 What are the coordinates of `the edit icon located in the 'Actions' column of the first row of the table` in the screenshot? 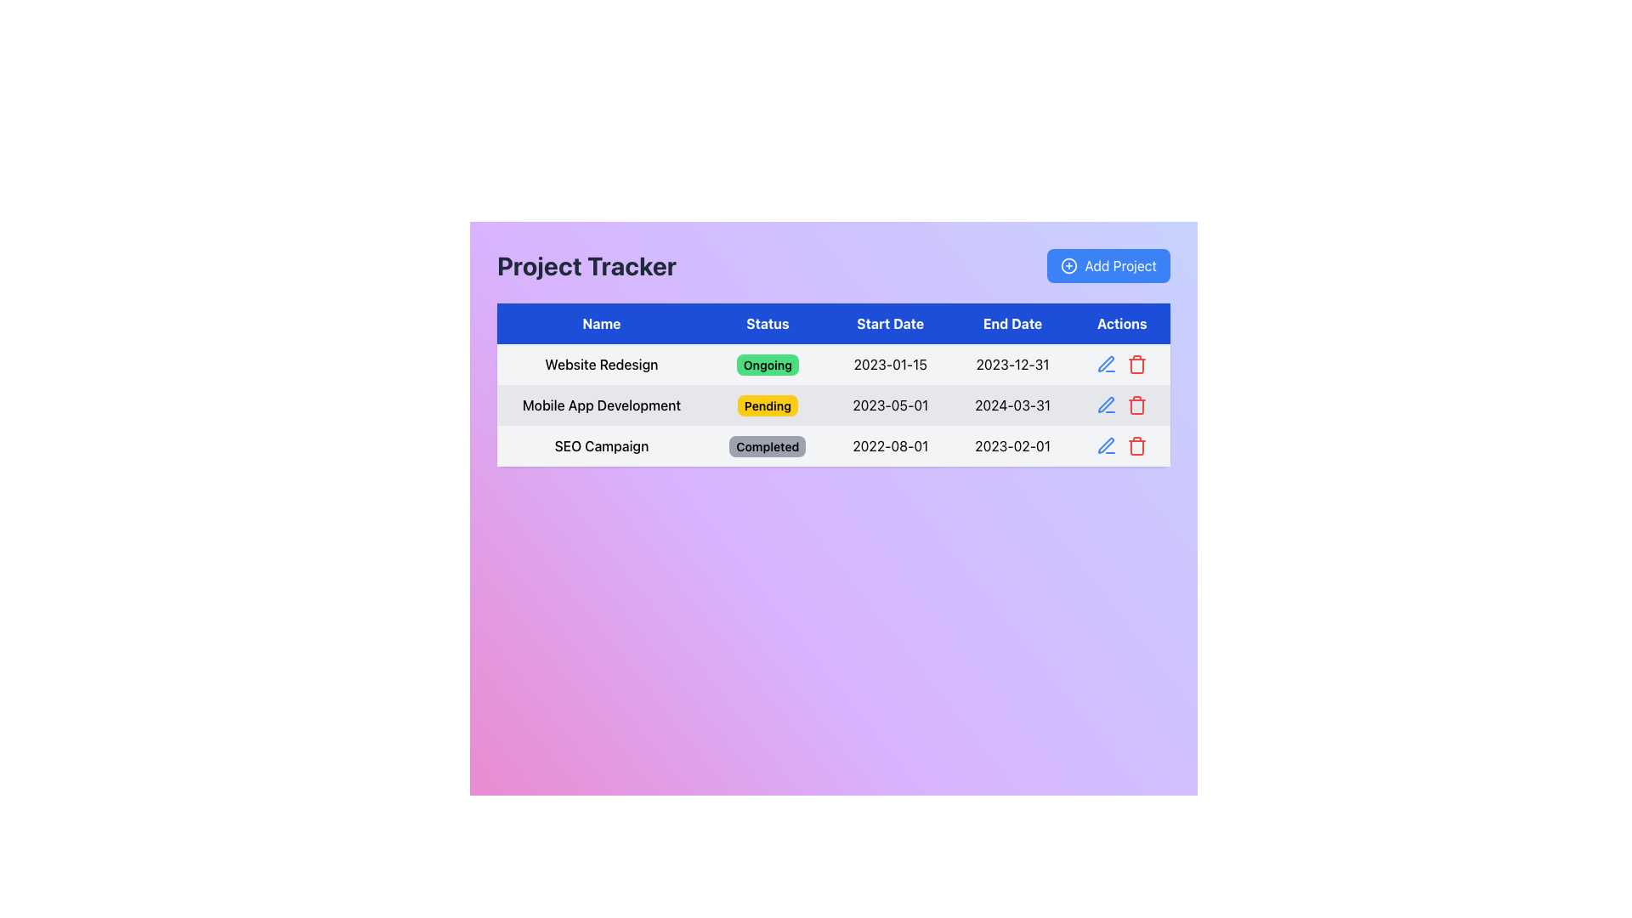 It's located at (1106, 363).